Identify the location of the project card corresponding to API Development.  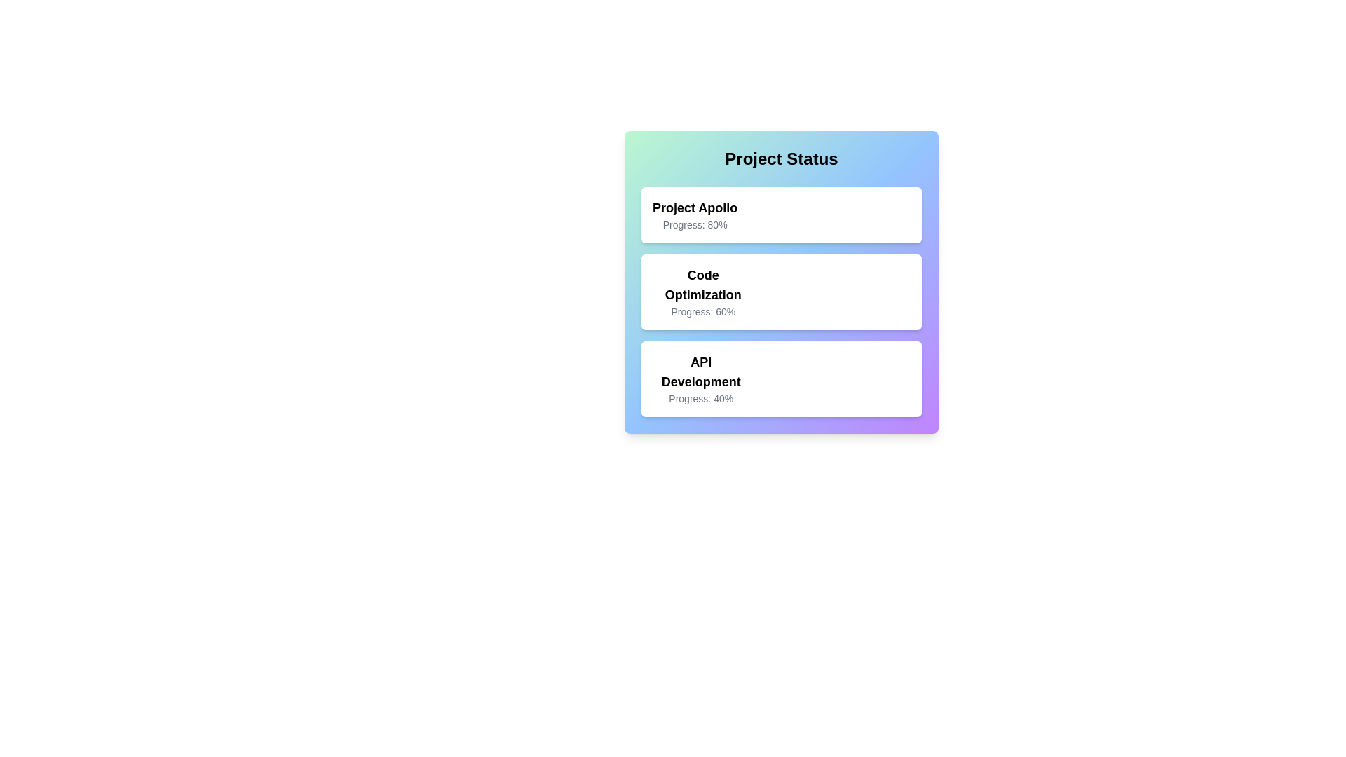
(780, 378).